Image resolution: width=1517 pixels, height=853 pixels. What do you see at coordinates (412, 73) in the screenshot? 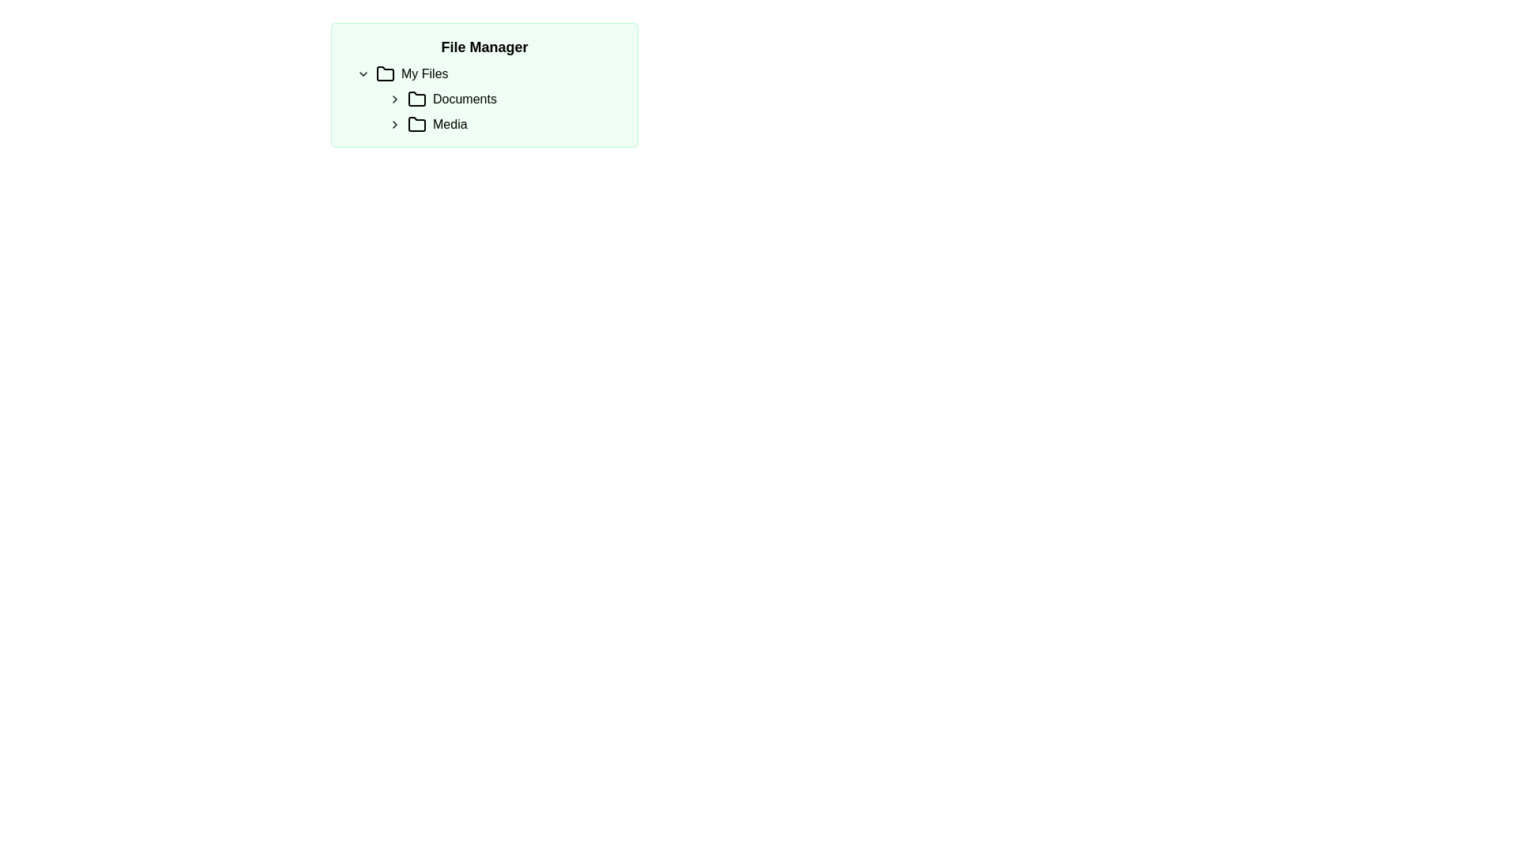
I see `the 'My Files' folder icon and label located under the 'File Manager' header` at bounding box center [412, 73].